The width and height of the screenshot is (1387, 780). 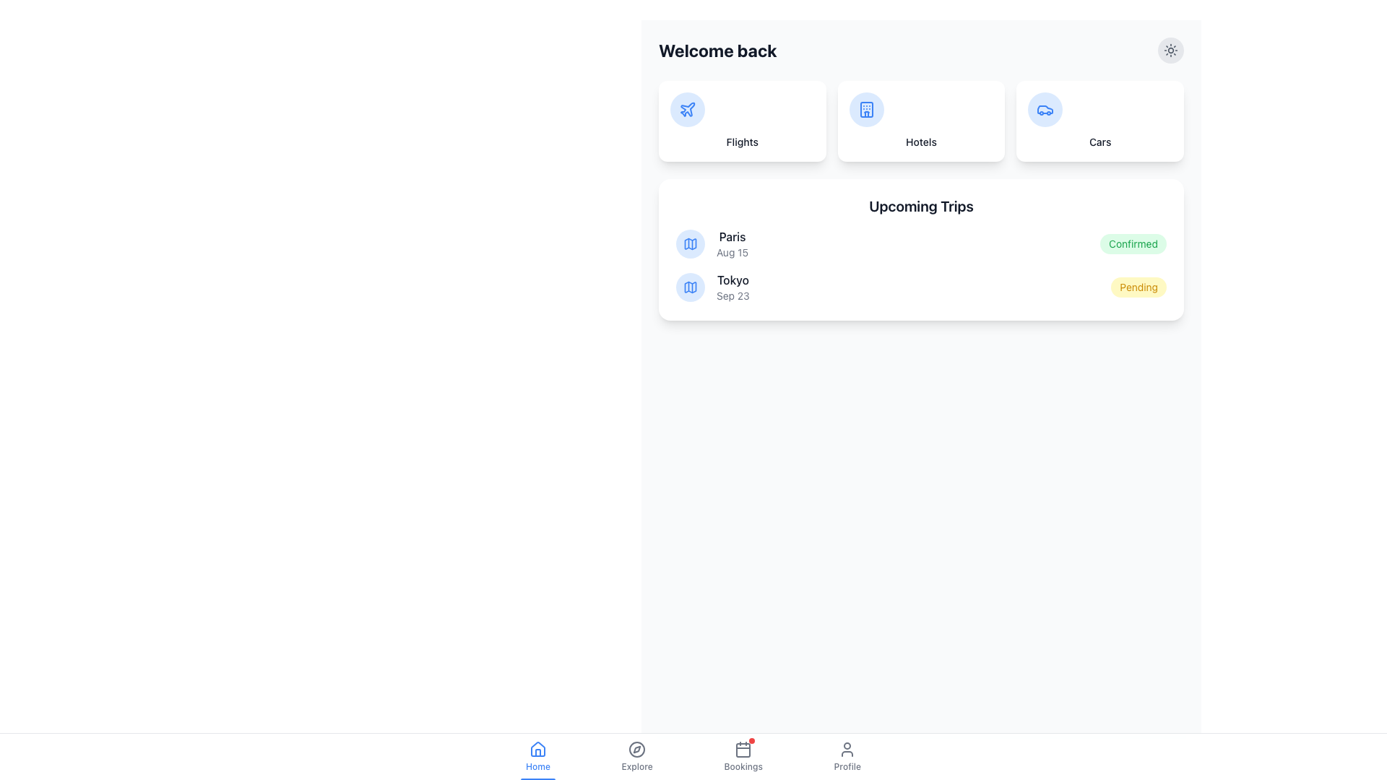 I want to click on the informational text element displaying 'Paris' in bold with the accompanying blue circular map icon, located in the 'Upcoming Trips' section, so click(x=712, y=243).